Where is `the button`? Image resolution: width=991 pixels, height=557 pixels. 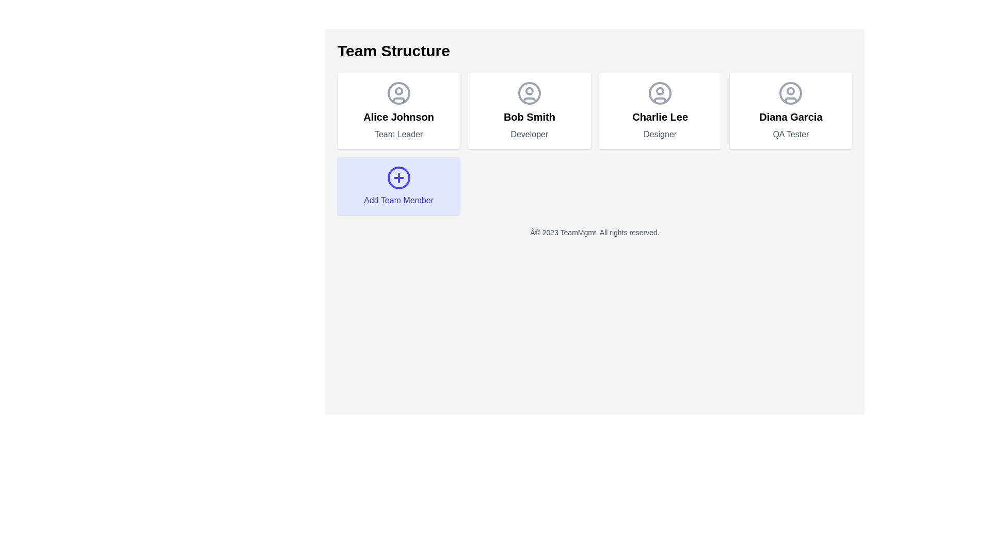 the button is located at coordinates (398, 186).